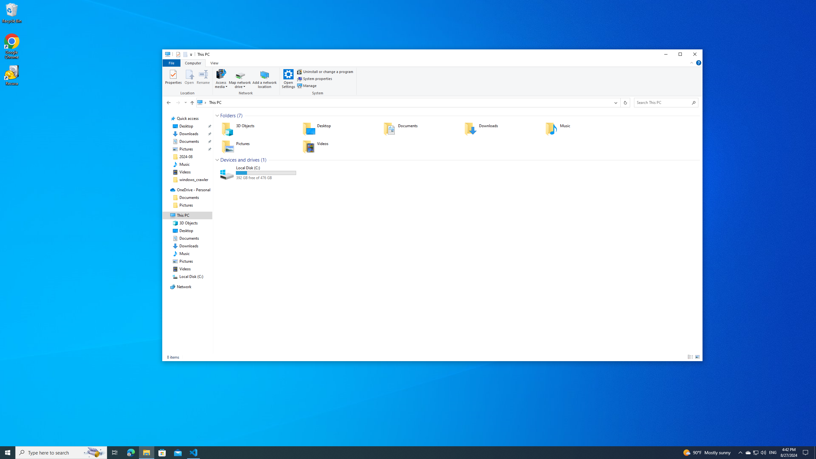  Describe the element at coordinates (174, 78) in the screenshot. I see `'Properties'` at that location.